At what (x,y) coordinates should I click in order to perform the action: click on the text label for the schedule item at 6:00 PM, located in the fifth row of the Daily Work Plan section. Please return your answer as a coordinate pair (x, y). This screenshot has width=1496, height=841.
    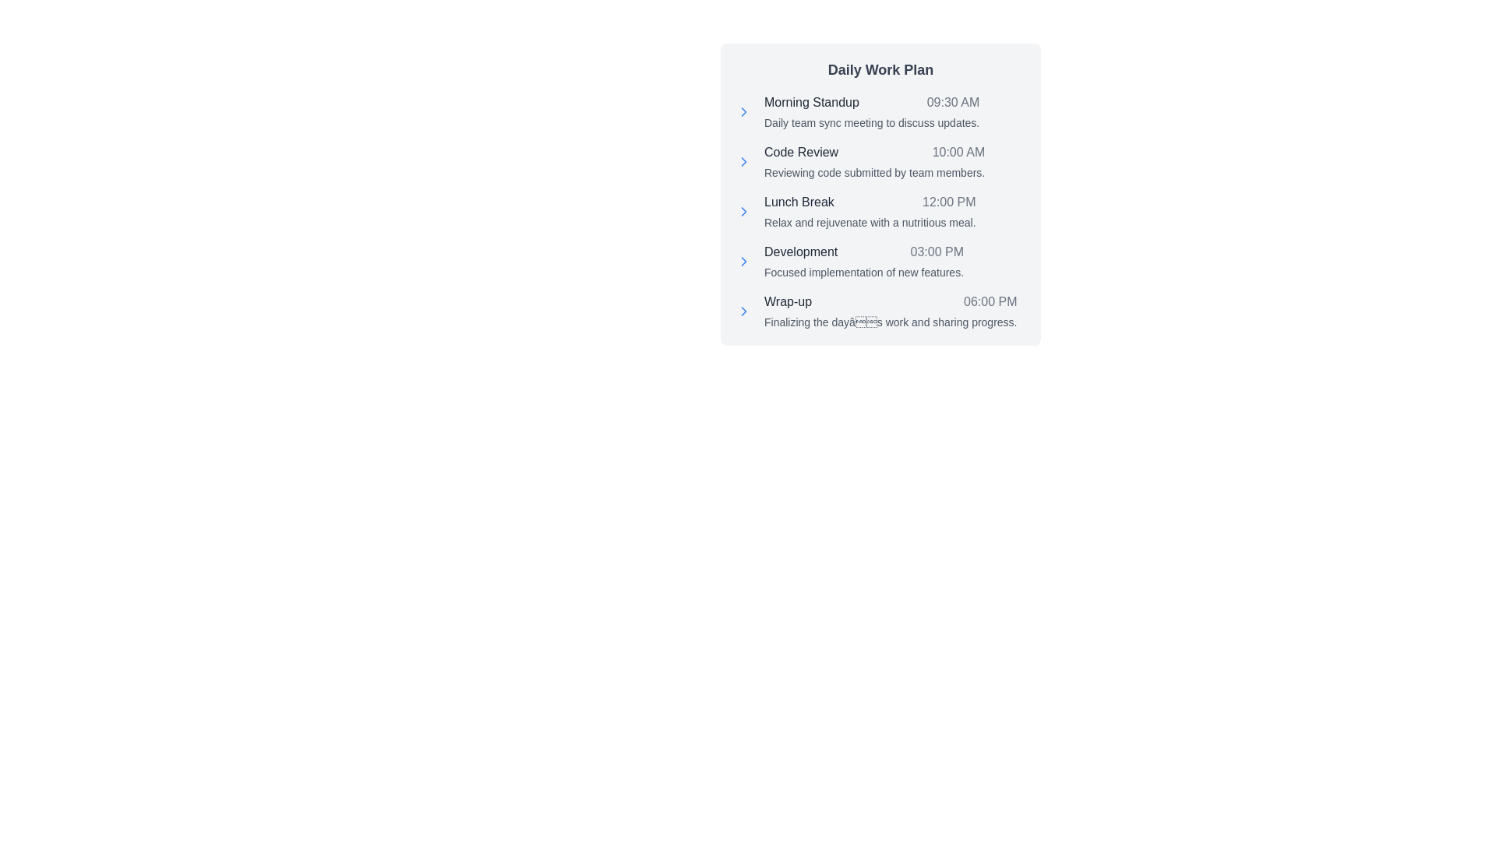
    Looking at the image, I should click on (788, 302).